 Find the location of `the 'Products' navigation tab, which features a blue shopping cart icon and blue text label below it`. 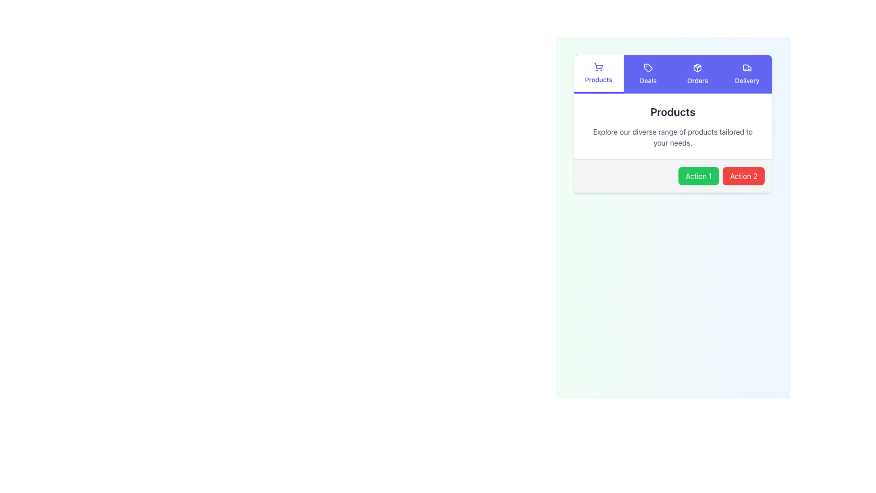

the 'Products' navigation tab, which features a blue shopping cart icon and blue text label below it is located at coordinates (599, 73).